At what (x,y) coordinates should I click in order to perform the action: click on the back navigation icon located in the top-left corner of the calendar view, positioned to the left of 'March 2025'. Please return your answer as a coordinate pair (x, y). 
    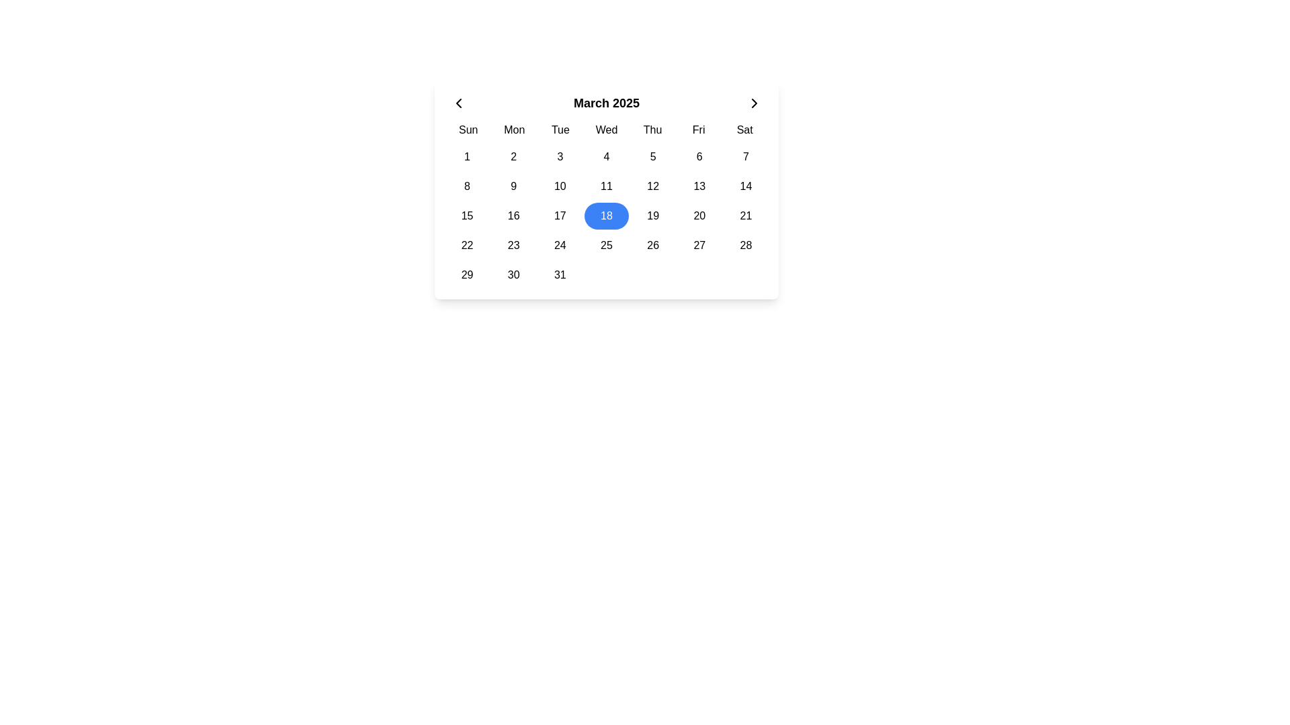
    Looking at the image, I should click on (458, 103).